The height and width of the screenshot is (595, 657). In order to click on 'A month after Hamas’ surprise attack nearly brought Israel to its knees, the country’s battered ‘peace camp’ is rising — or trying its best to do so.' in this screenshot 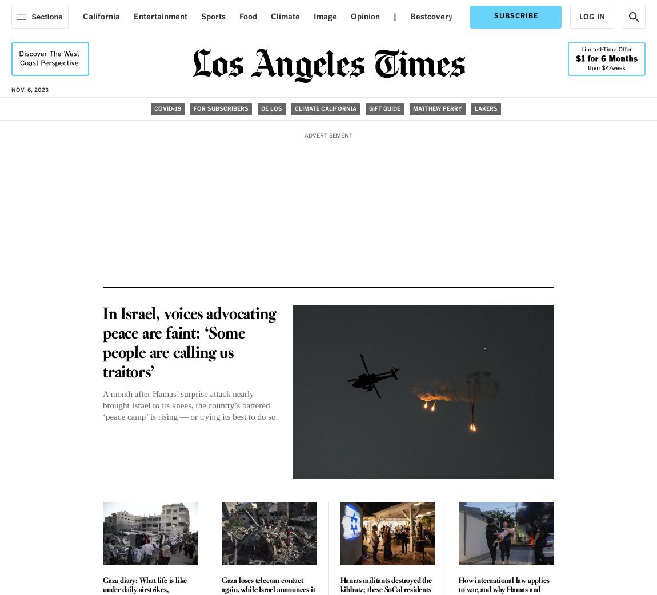, I will do `click(102, 405)`.